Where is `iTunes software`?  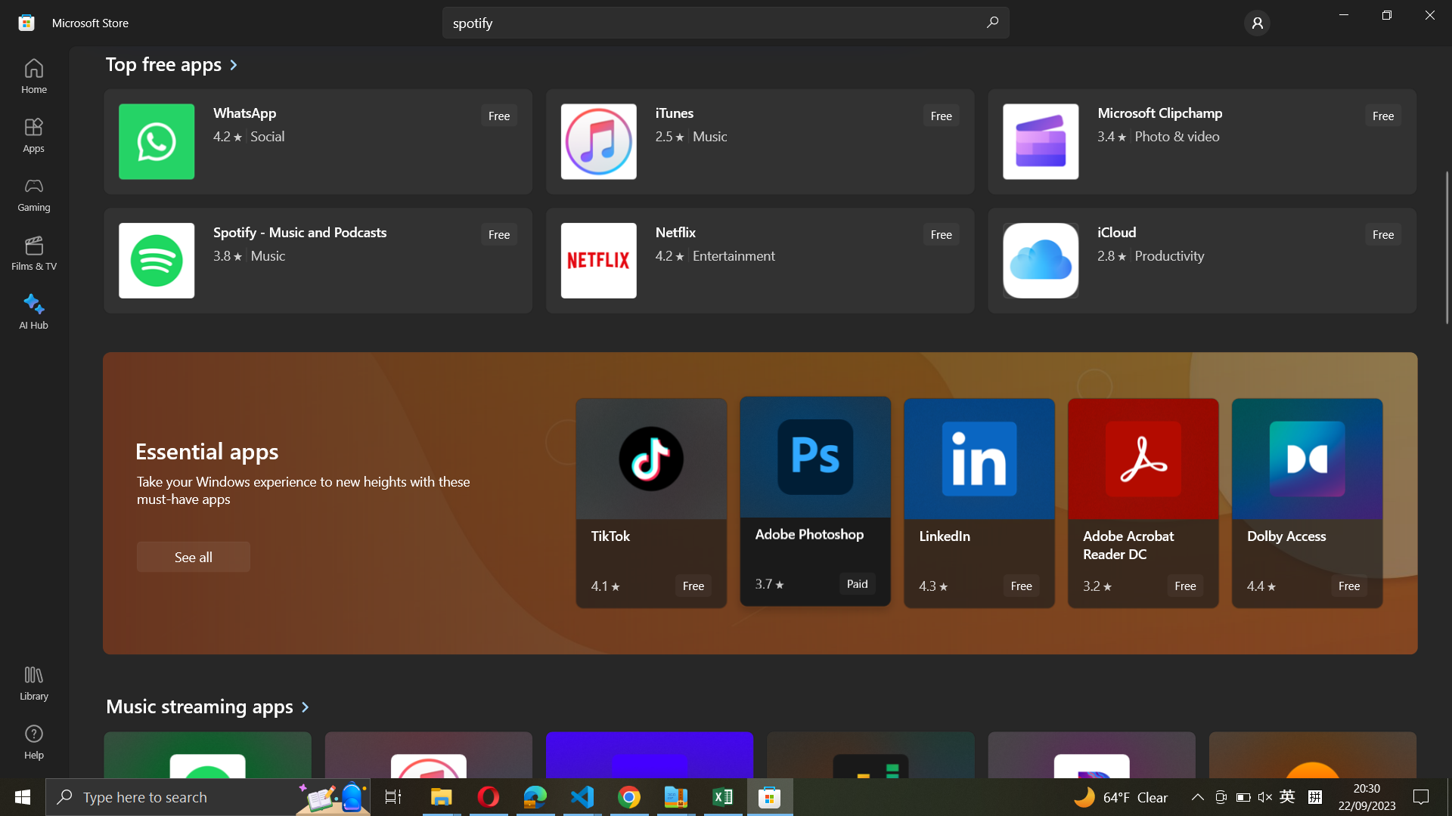
iTunes software is located at coordinates (758, 143).